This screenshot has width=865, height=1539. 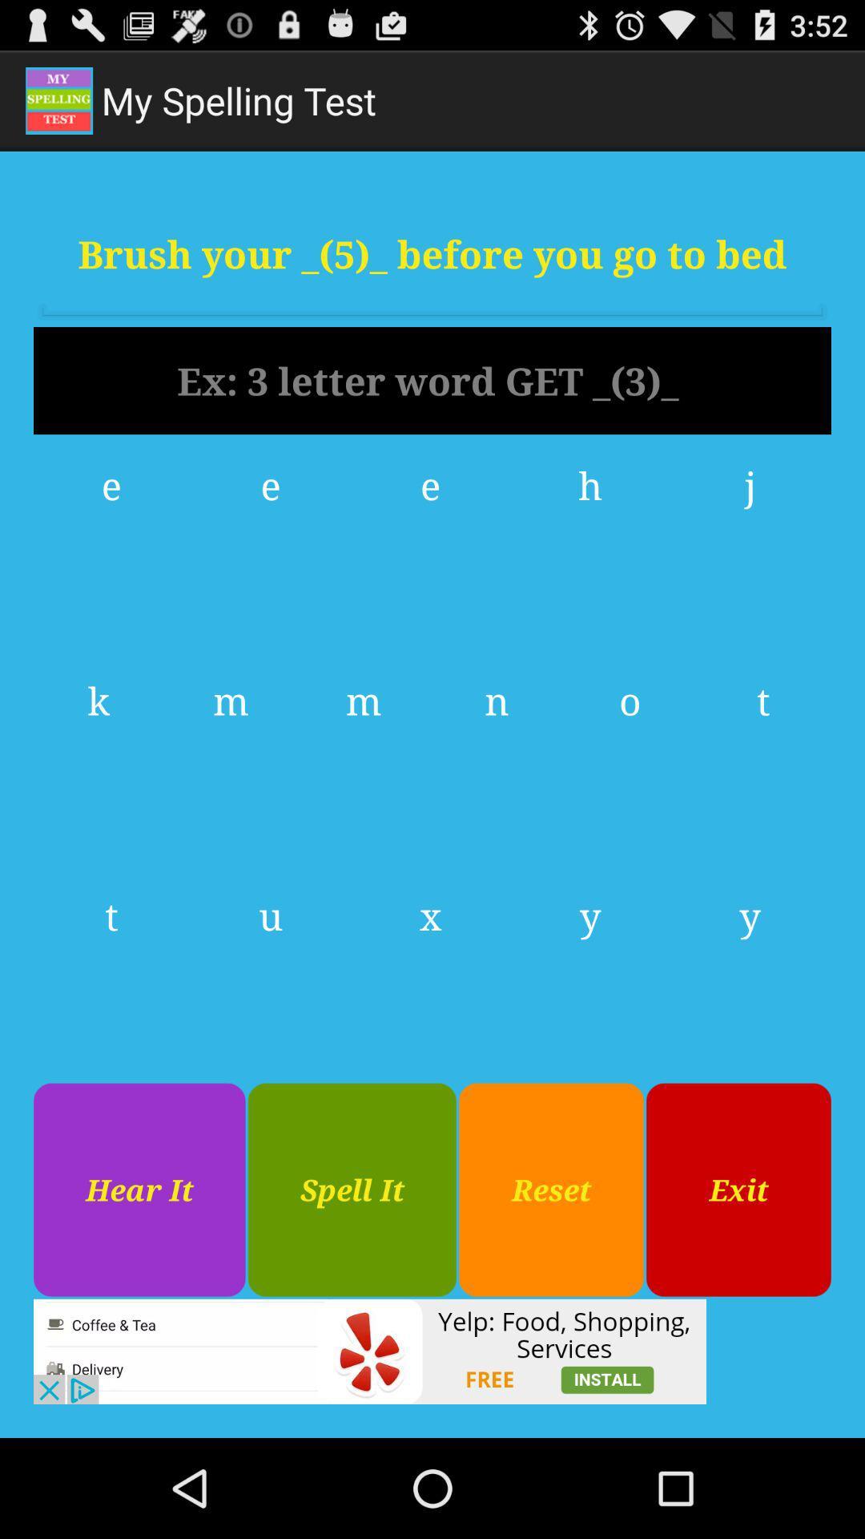 What do you see at coordinates (432, 380) in the screenshot?
I see `text box` at bounding box center [432, 380].